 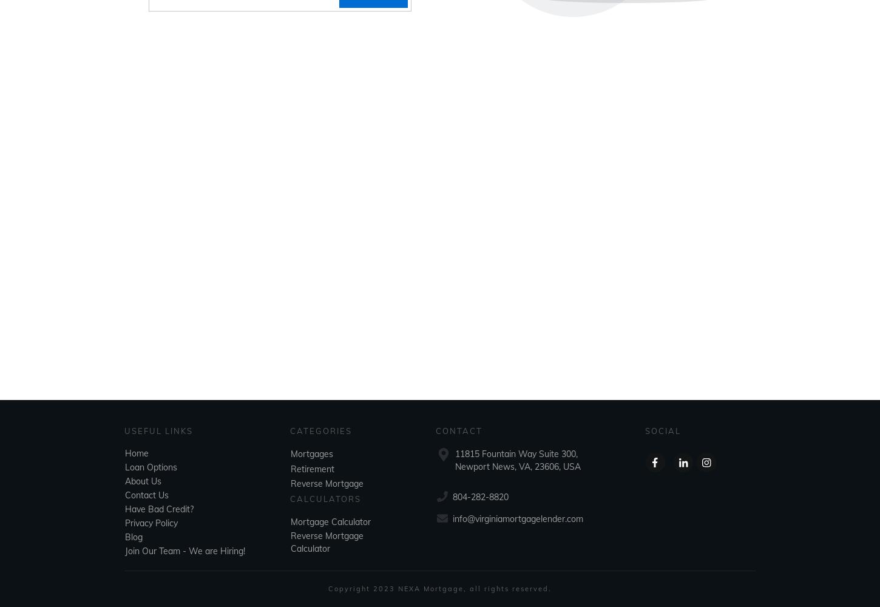 I want to click on 'Loan Options', so click(x=151, y=467).